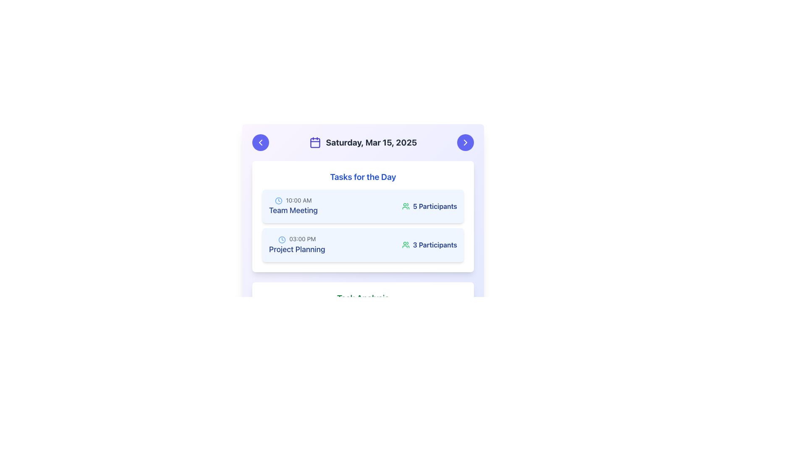 This screenshot has height=453, width=806. What do you see at coordinates (429, 206) in the screenshot?
I see `the '5 Participants' text label with a green person icon in the 'Team Meeting' row of the schedule list` at bounding box center [429, 206].